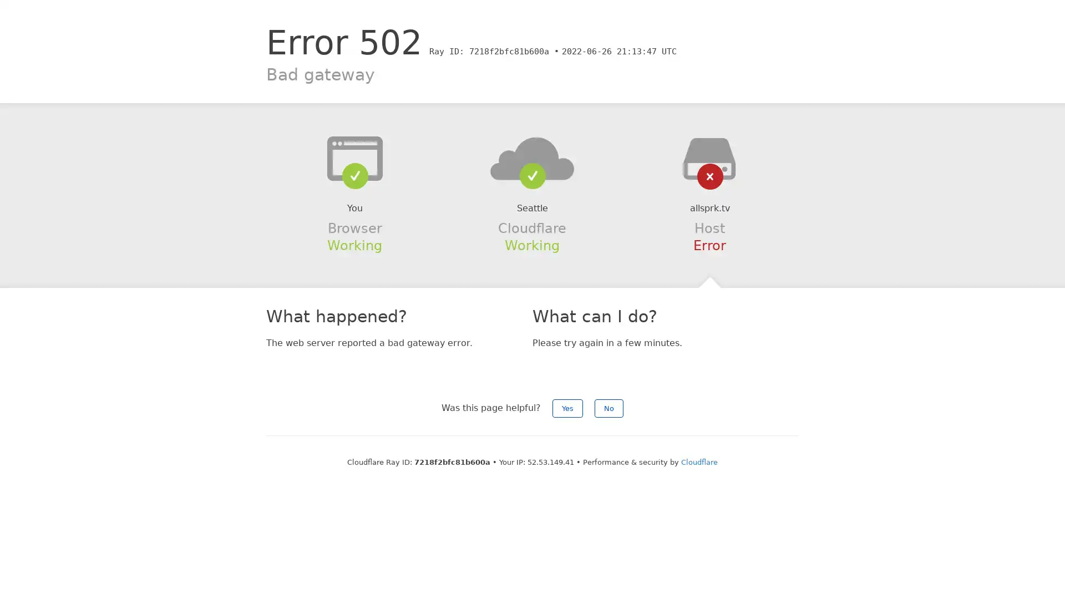 This screenshot has height=599, width=1065. What do you see at coordinates (608, 408) in the screenshot?
I see `No` at bounding box center [608, 408].